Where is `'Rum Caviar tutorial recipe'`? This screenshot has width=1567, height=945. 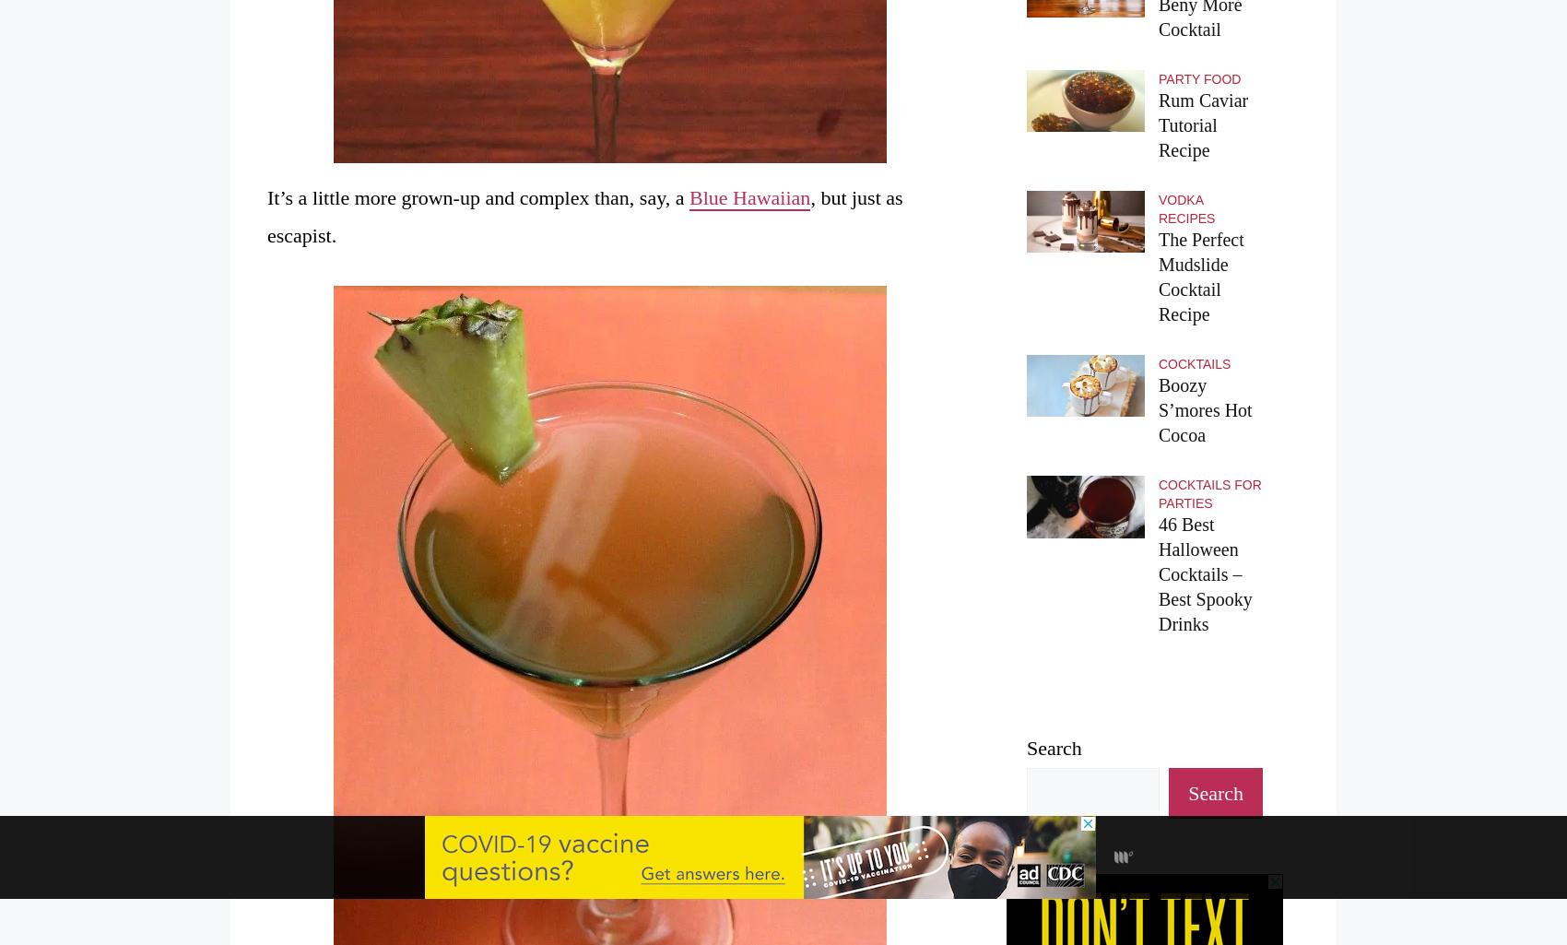 'Rum Caviar tutorial recipe' is located at coordinates (1203, 125).